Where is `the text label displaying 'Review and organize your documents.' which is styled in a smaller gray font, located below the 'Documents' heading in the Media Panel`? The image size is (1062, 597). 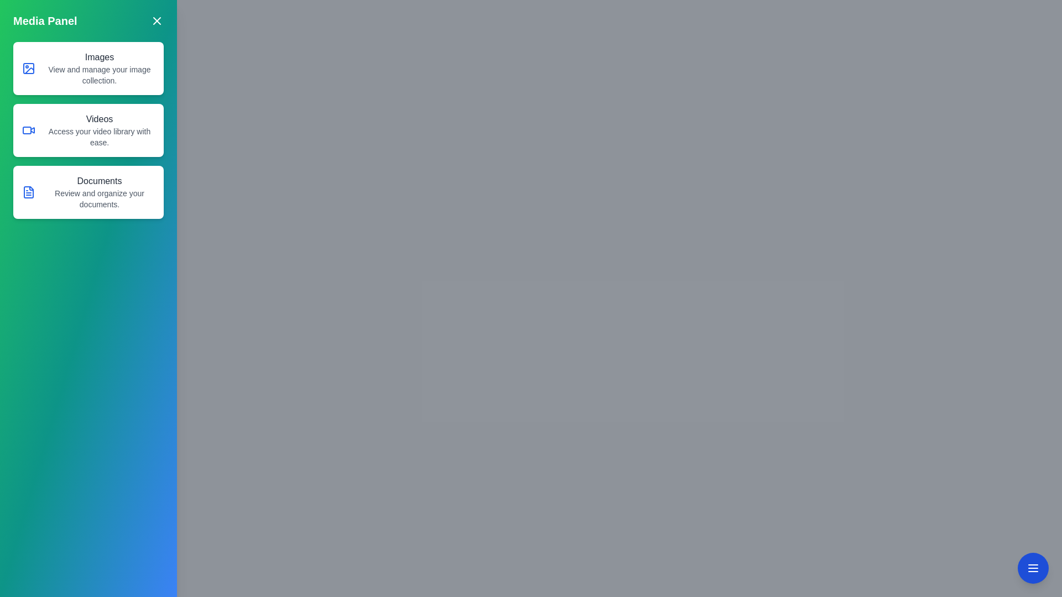
the text label displaying 'Review and organize your documents.' which is styled in a smaller gray font, located below the 'Documents' heading in the Media Panel is located at coordinates (100, 198).